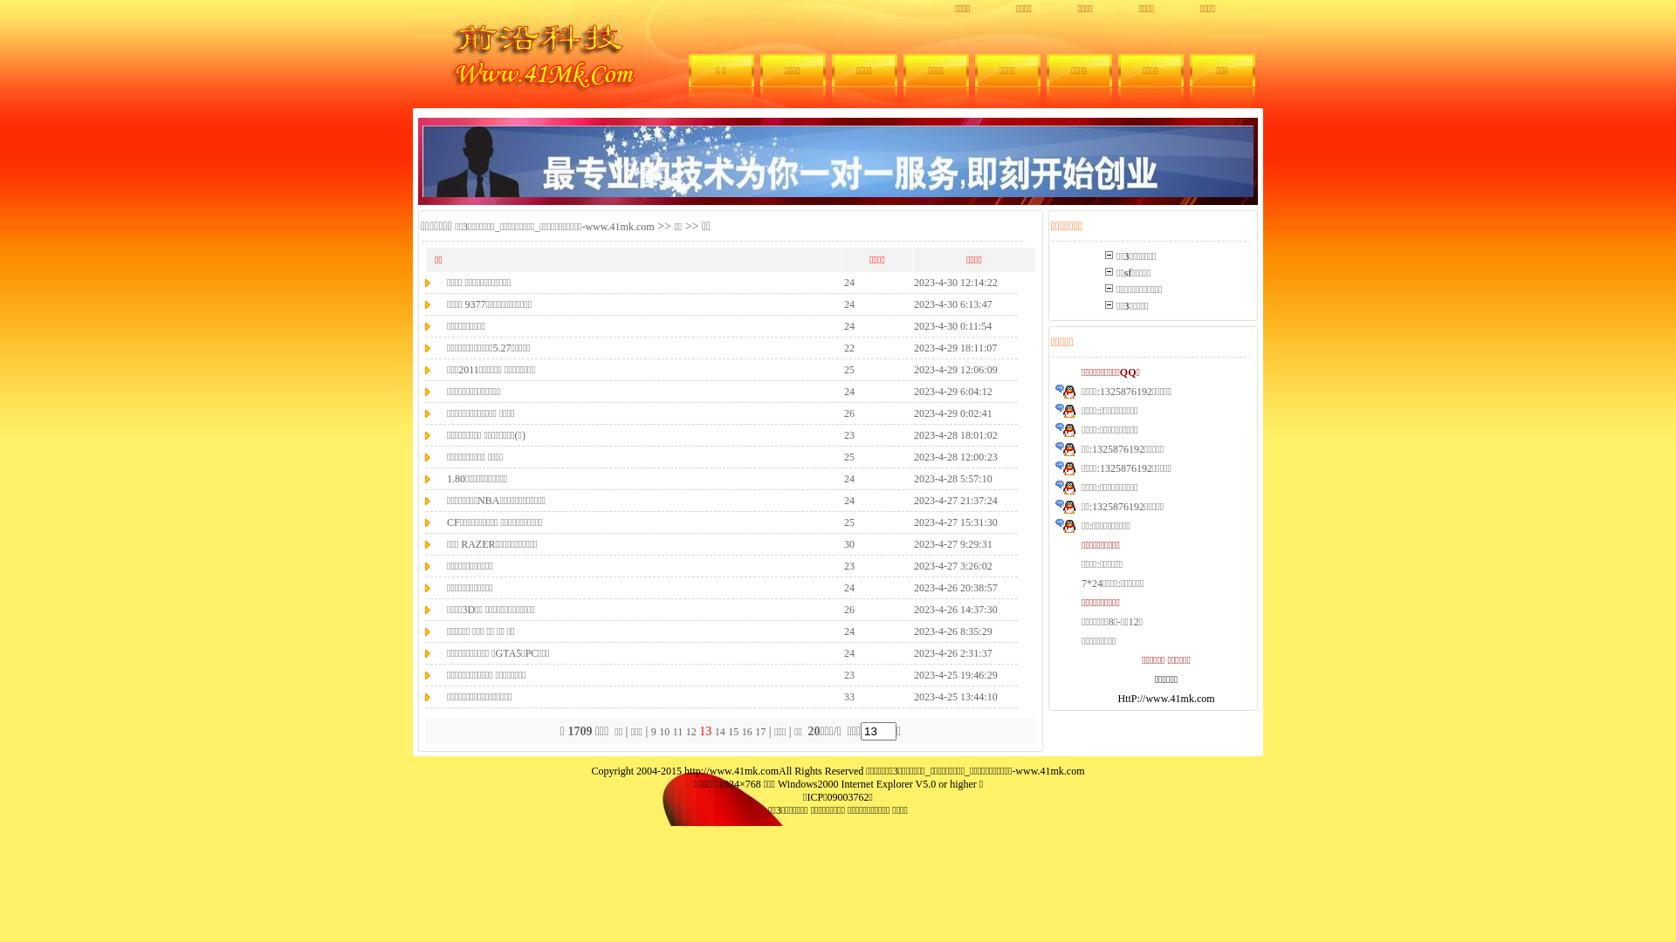 This screenshot has width=1676, height=942. Describe the element at coordinates (954, 500) in the screenshot. I see `'2023-4-27 21:37:24'` at that location.